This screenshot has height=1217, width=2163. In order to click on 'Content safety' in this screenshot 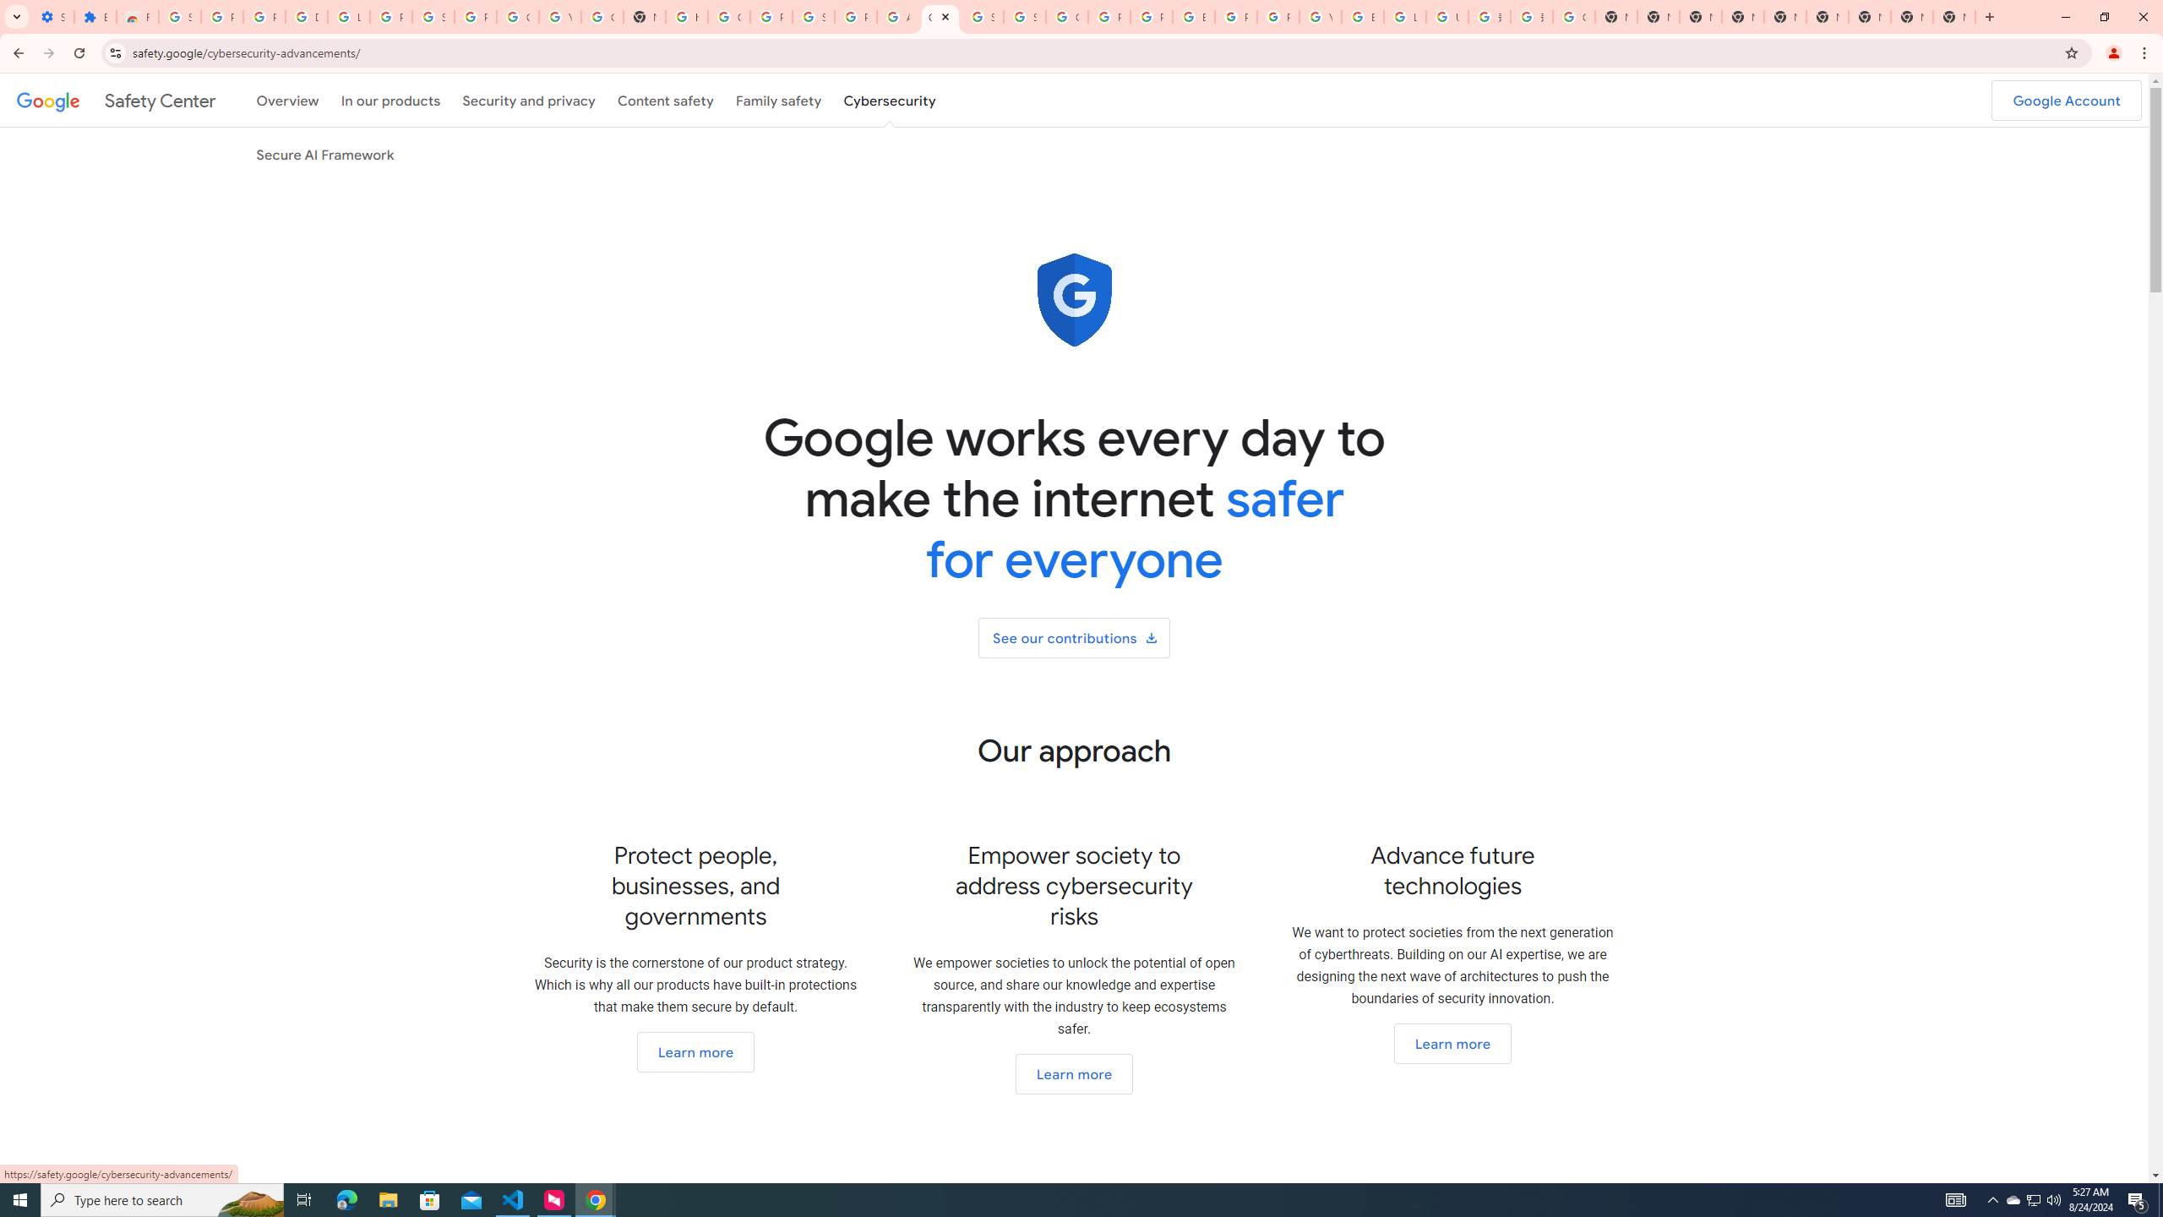, I will do `click(664, 100)`.